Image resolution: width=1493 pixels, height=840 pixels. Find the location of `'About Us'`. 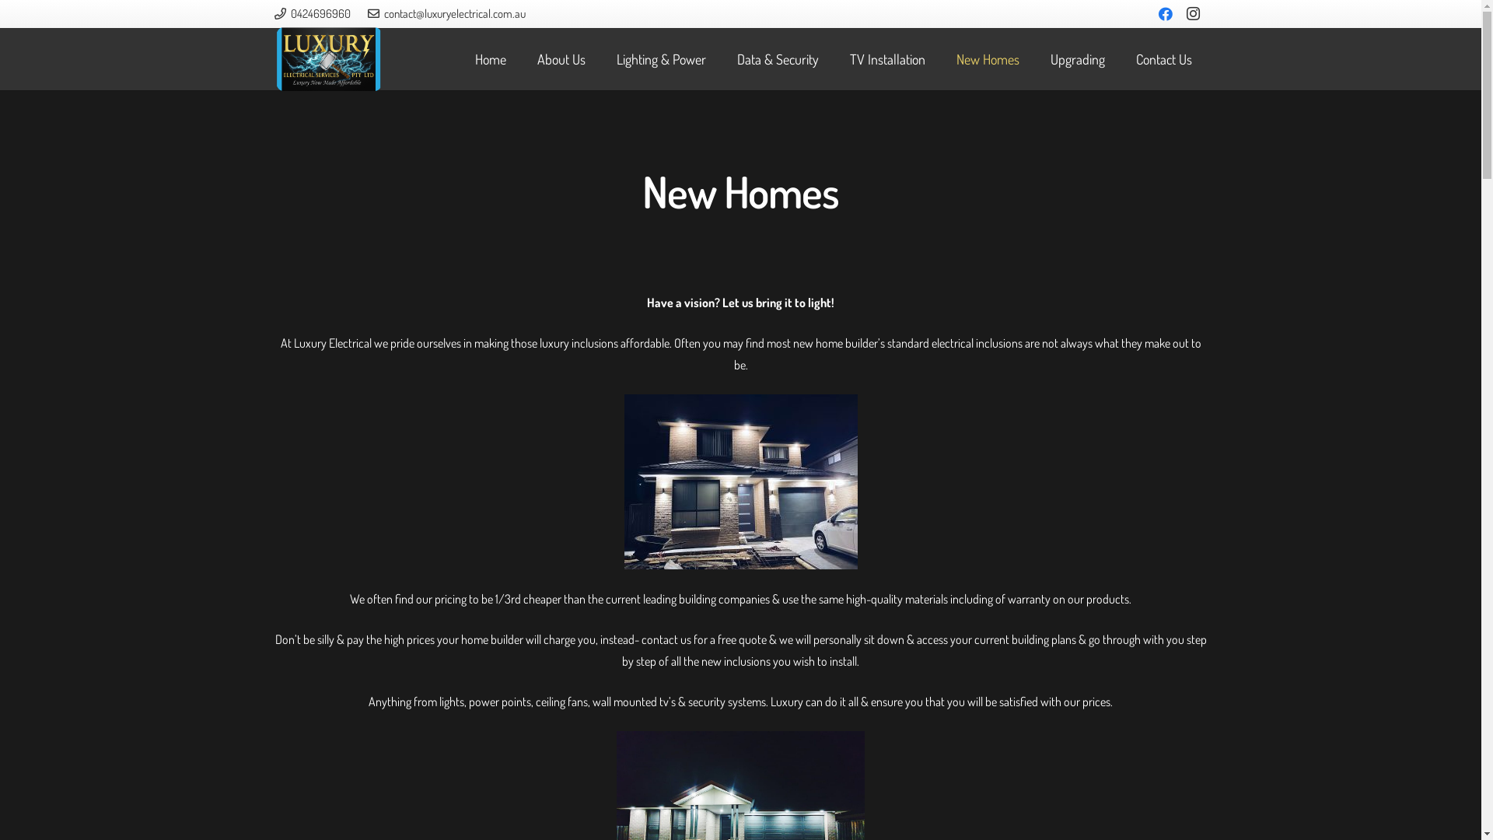

'About Us' is located at coordinates (522, 58).